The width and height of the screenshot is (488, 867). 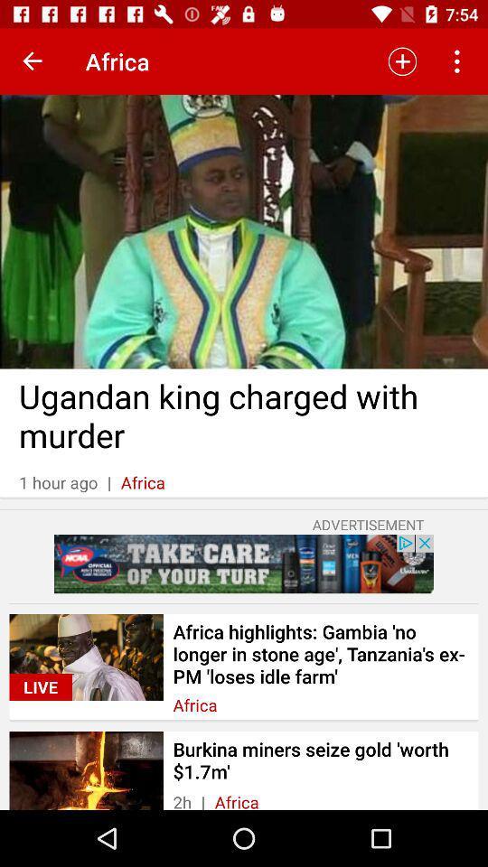 What do you see at coordinates (33, 61) in the screenshot?
I see `goto next page` at bounding box center [33, 61].